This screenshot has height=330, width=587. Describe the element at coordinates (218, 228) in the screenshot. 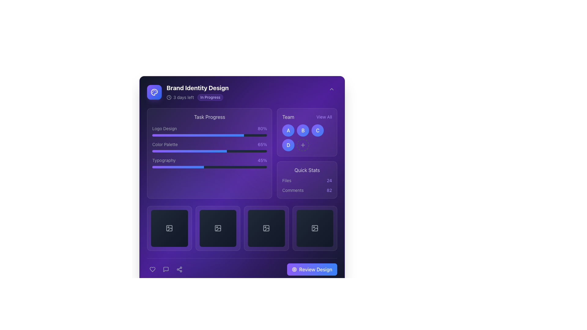

I see `the Image icon, which is the second element in a horizontal row of similar icons` at that location.